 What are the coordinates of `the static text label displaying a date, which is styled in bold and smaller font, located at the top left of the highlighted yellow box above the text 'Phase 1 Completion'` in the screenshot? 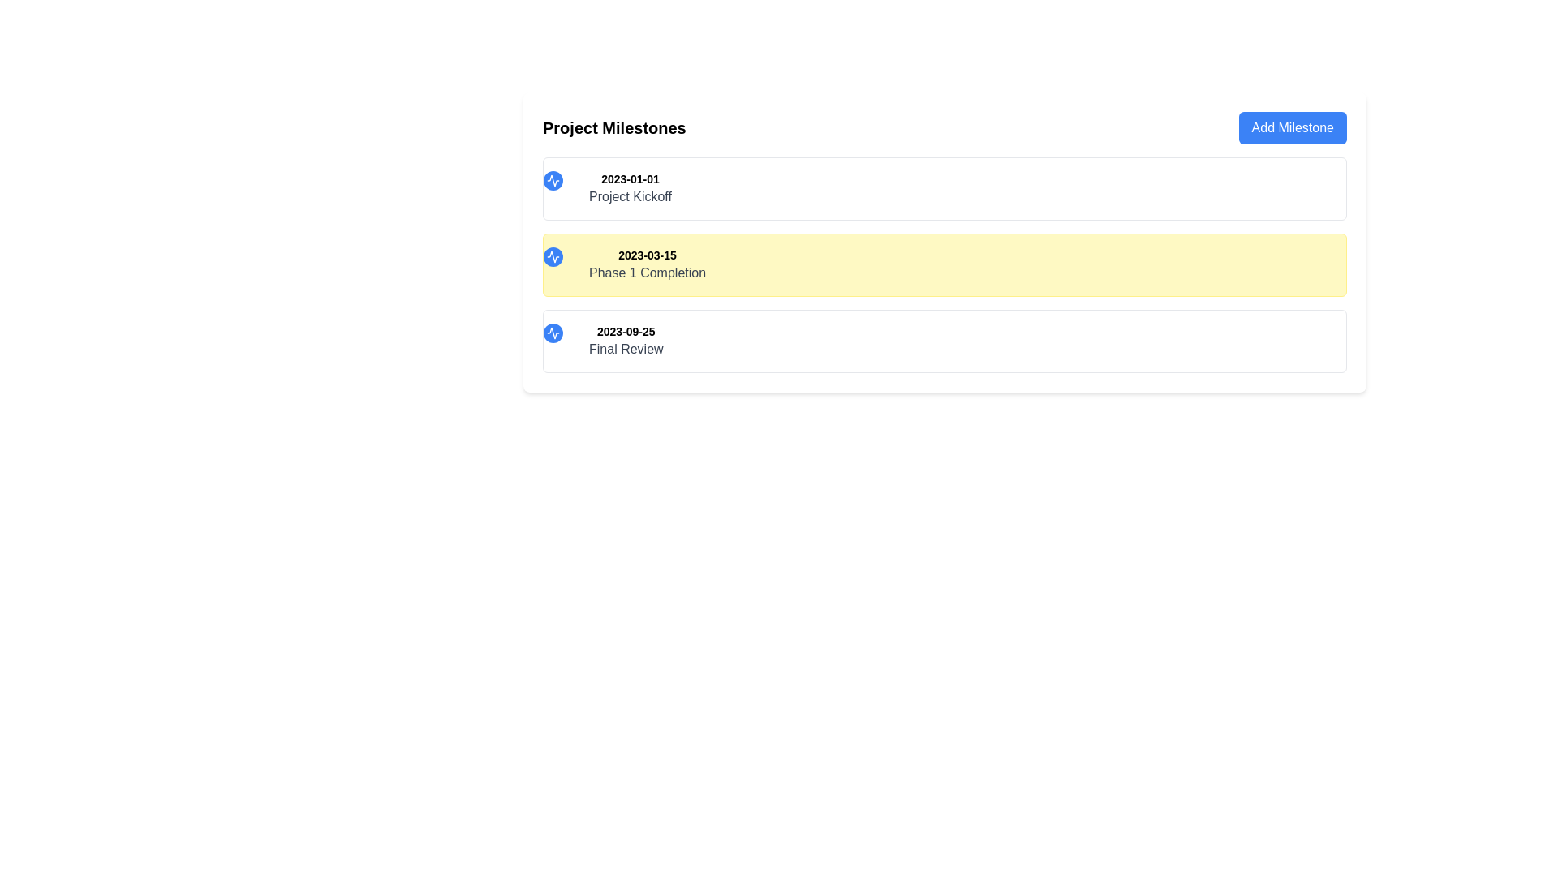 It's located at (647, 255).